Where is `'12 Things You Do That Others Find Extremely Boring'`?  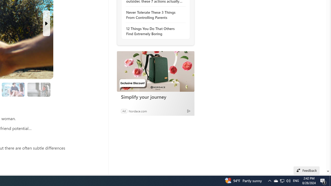 '12 Things You Do That Others Find Extremely Boring' is located at coordinates (154, 31).